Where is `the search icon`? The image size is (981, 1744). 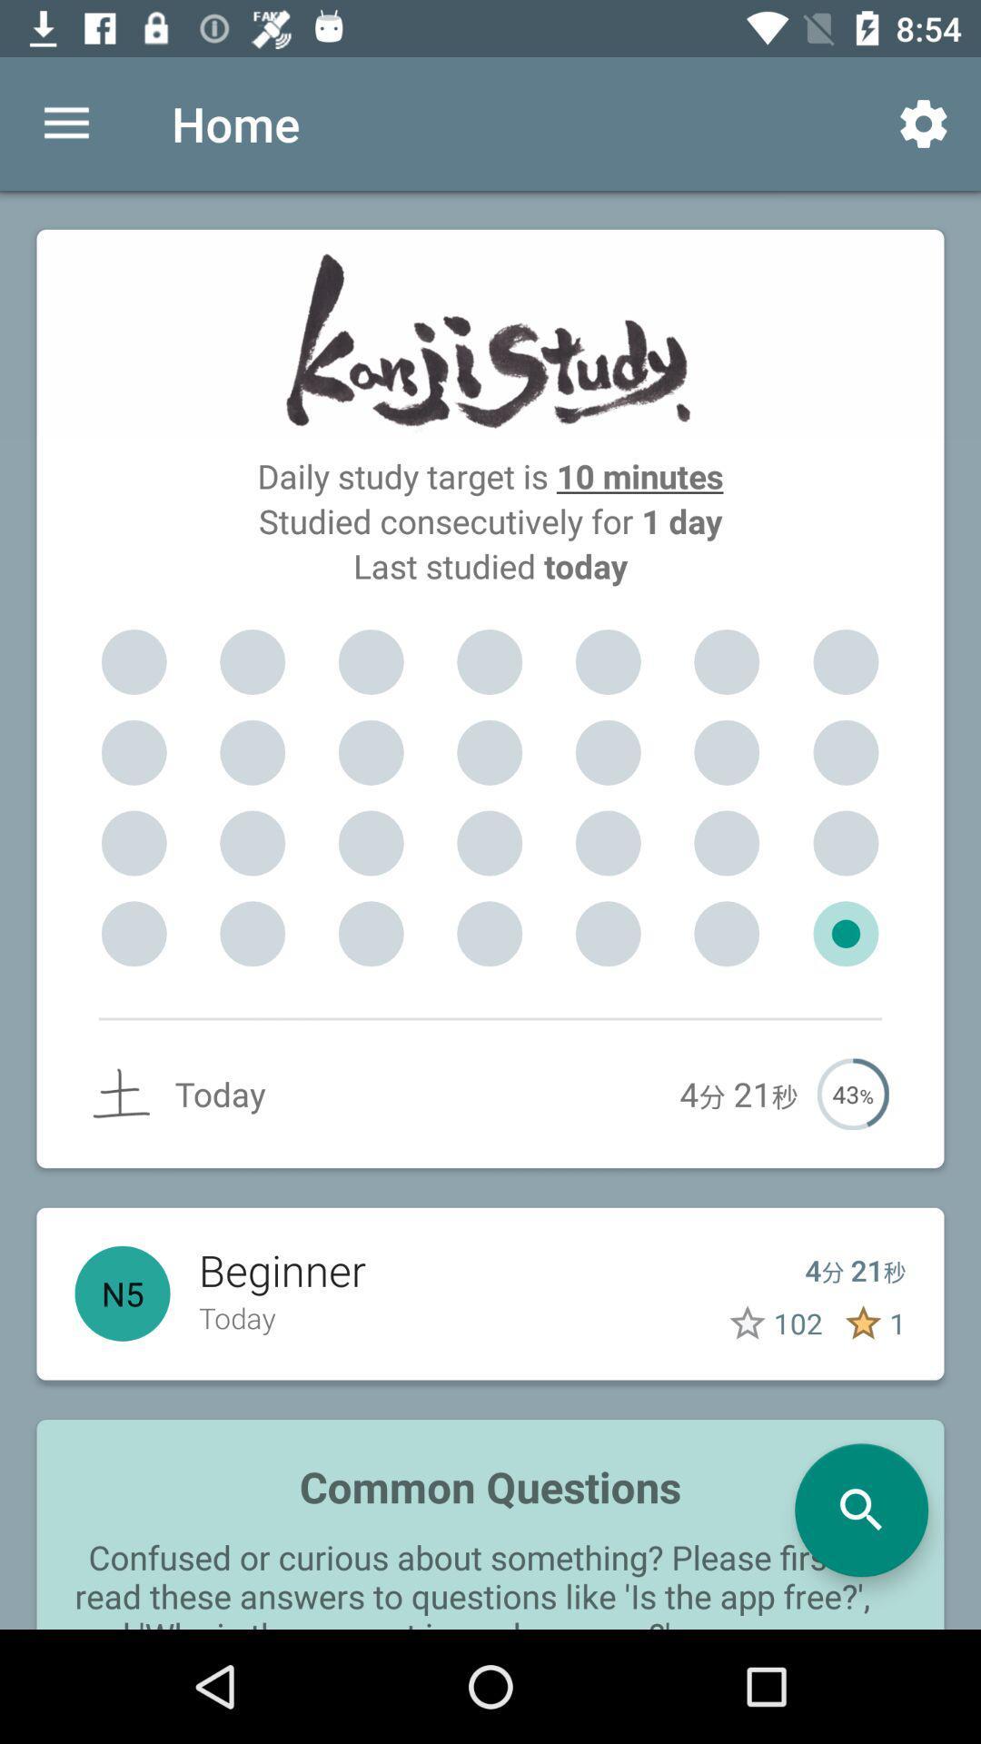
the search icon is located at coordinates (860, 1510).